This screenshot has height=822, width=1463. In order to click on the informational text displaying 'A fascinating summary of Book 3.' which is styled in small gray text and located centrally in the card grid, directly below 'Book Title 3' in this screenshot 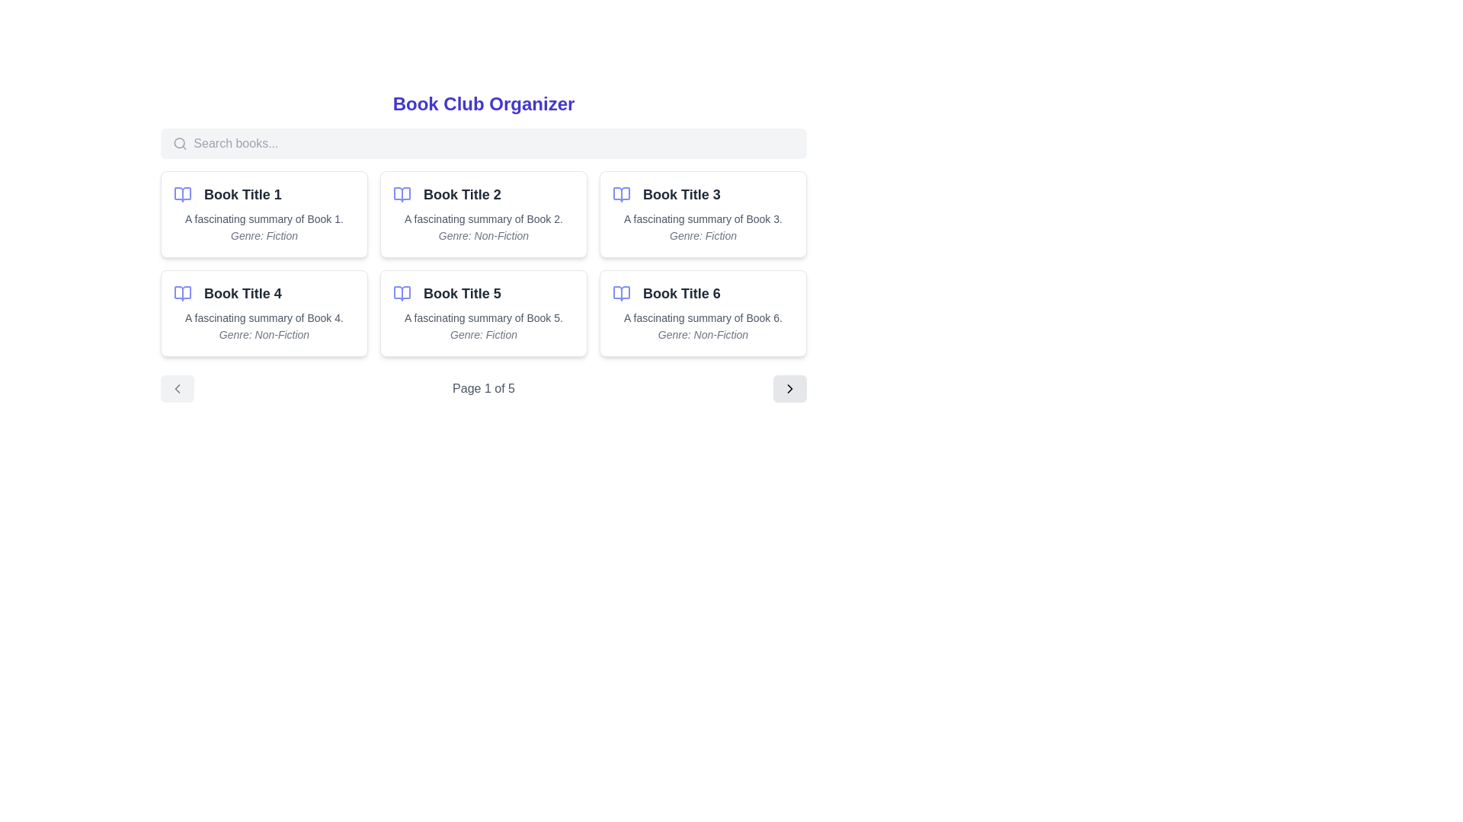, I will do `click(702, 219)`.